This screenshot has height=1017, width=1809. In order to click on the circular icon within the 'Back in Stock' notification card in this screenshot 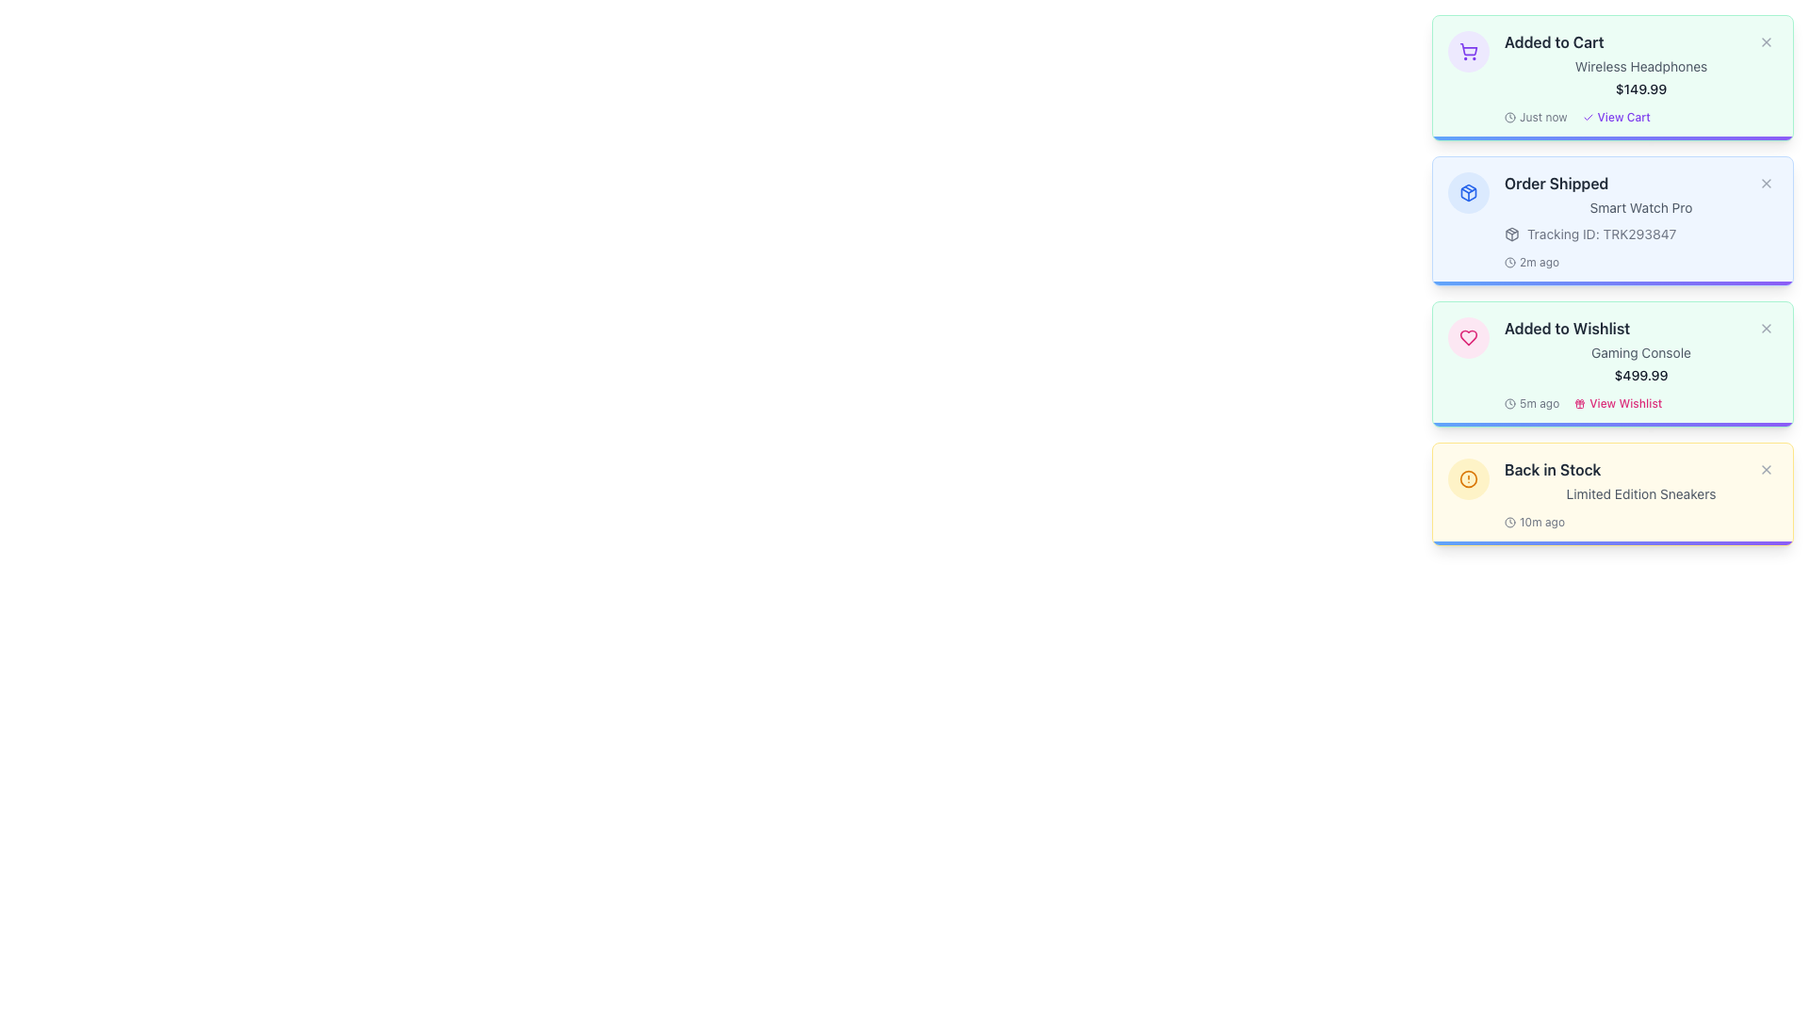, I will do `click(1468, 477)`.